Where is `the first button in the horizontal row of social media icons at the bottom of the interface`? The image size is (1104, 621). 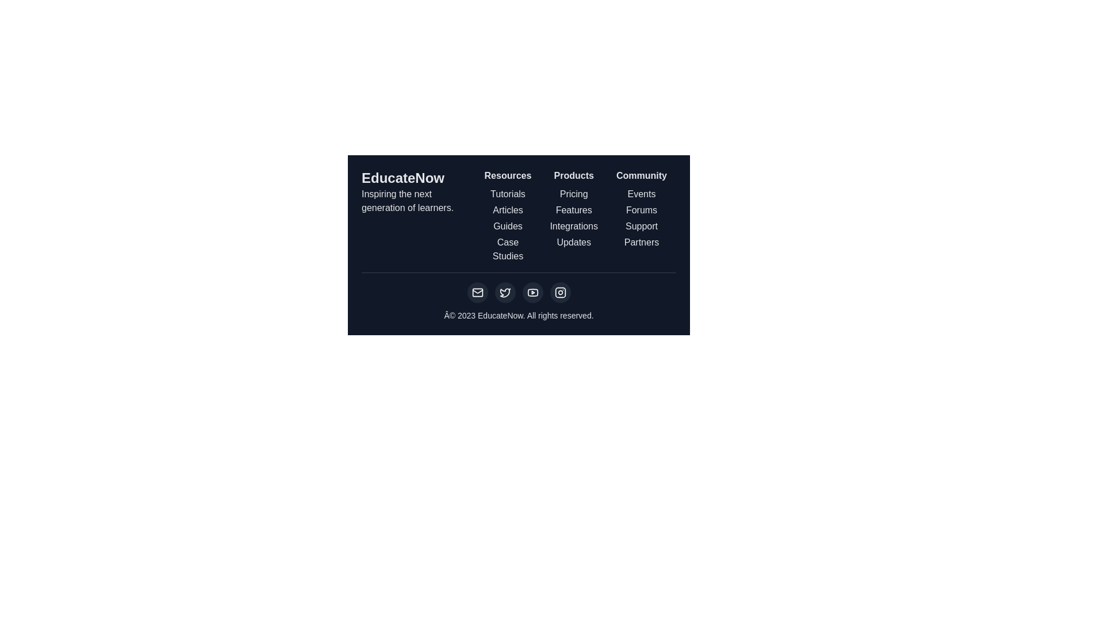
the first button in the horizontal row of social media icons at the bottom of the interface is located at coordinates (477, 292).